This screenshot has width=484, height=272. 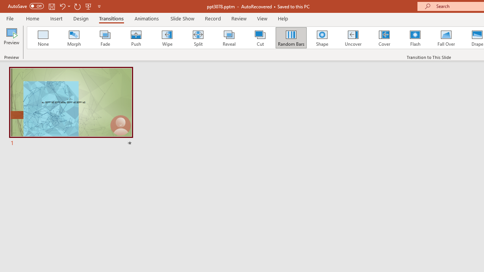 What do you see at coordinates (415, 38) in the screenshot?
I see `'Flash'` at bounding box center [415, 38].